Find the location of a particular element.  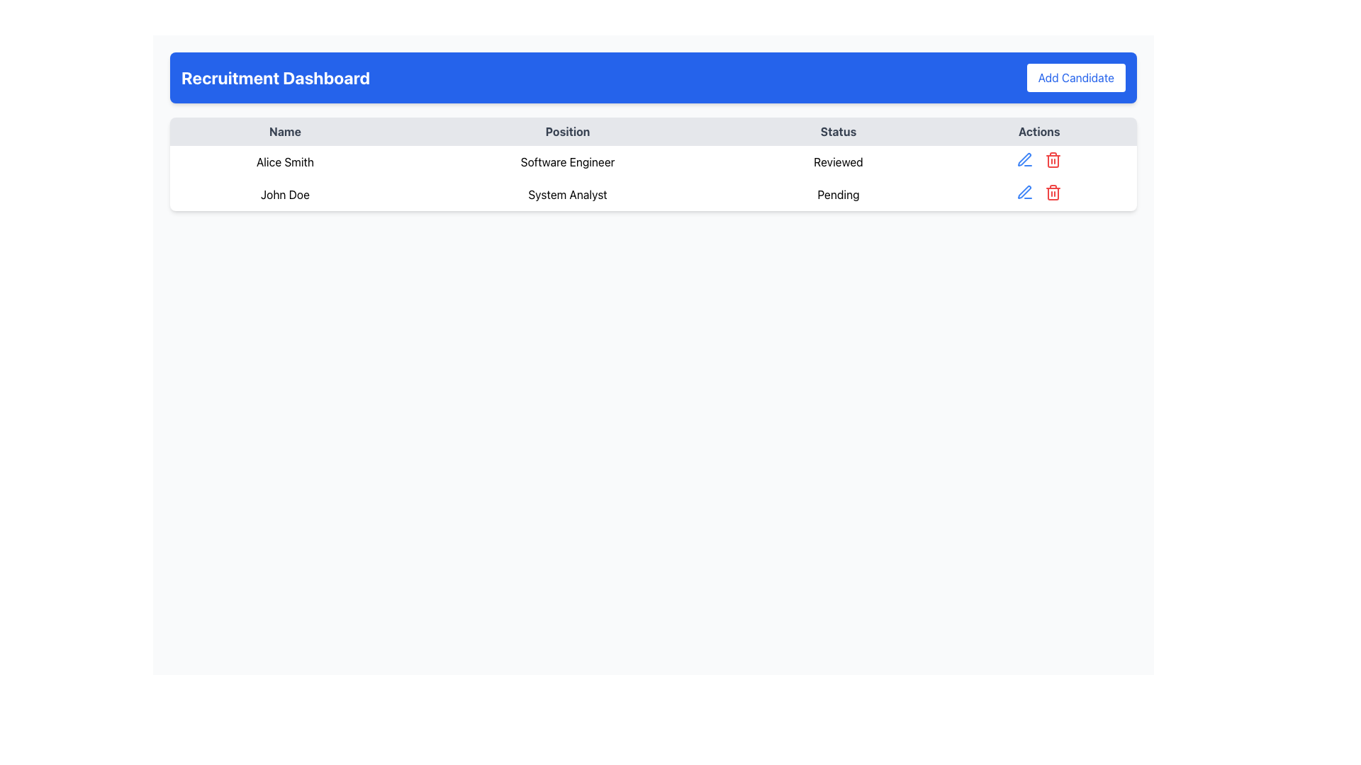

the static text label displaying the status 'Pending' for the item corresponding to 'John Doe' and 'System Analyst' in the table is located at coordinates (838, 194).